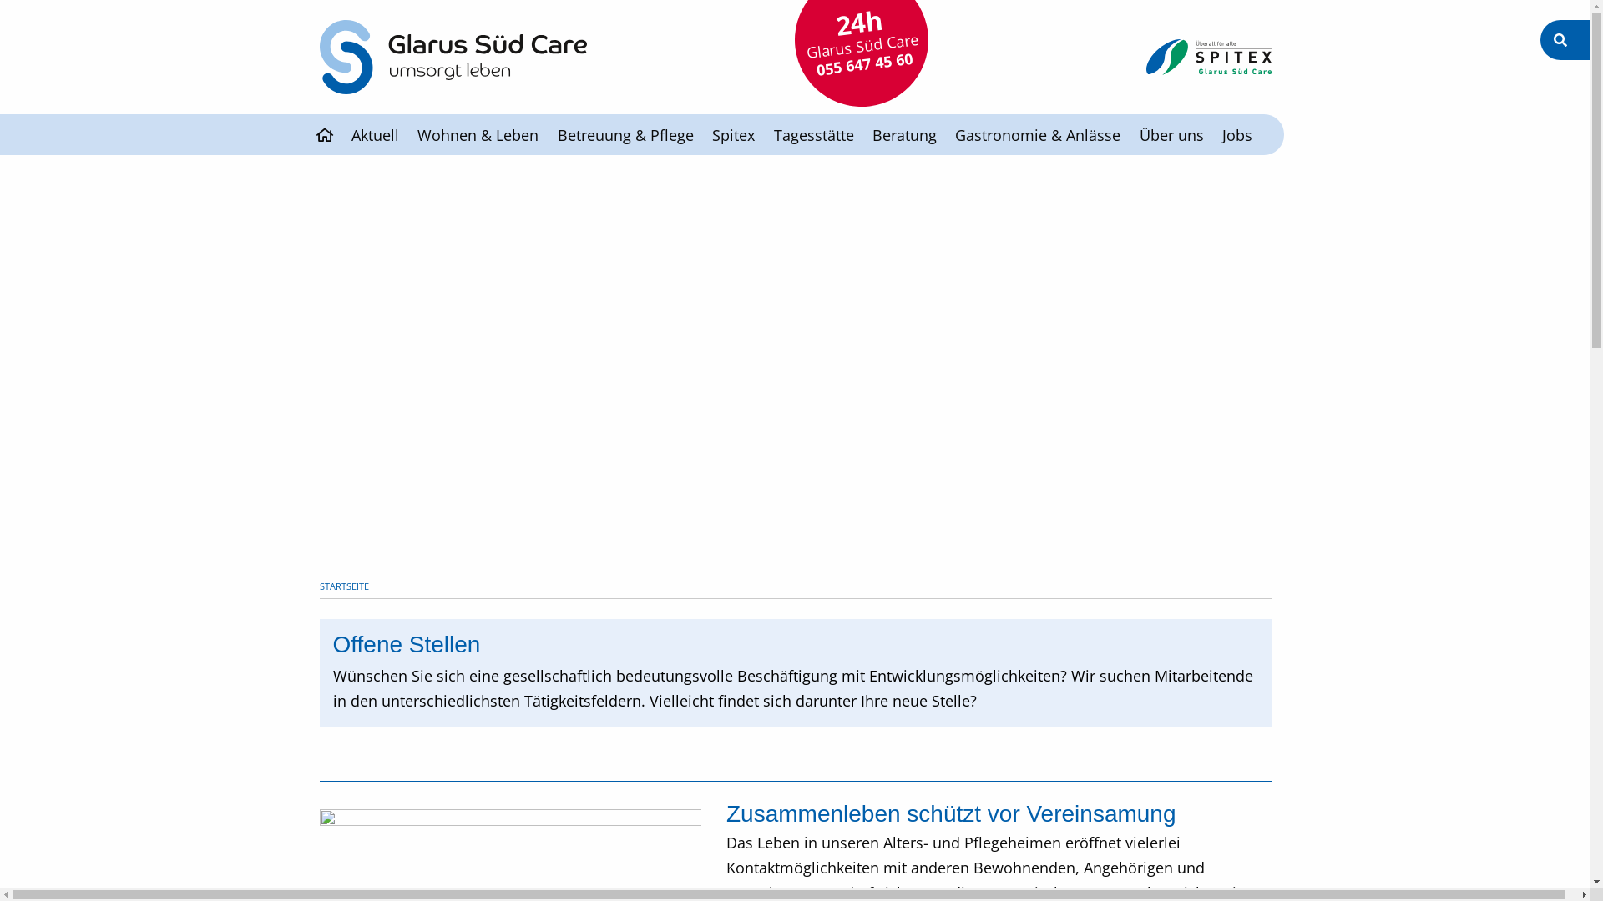  I want to click on 'STARTSEITE', so click(342, 585).